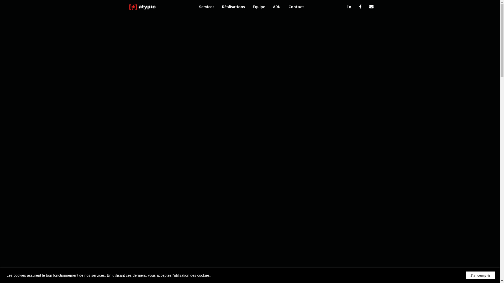 The width and height of the screenshot is (504, 283). What do you see at coordinates (206, 7) in the screenshot?
I see `'Services'` at bounding box center [206, 7].